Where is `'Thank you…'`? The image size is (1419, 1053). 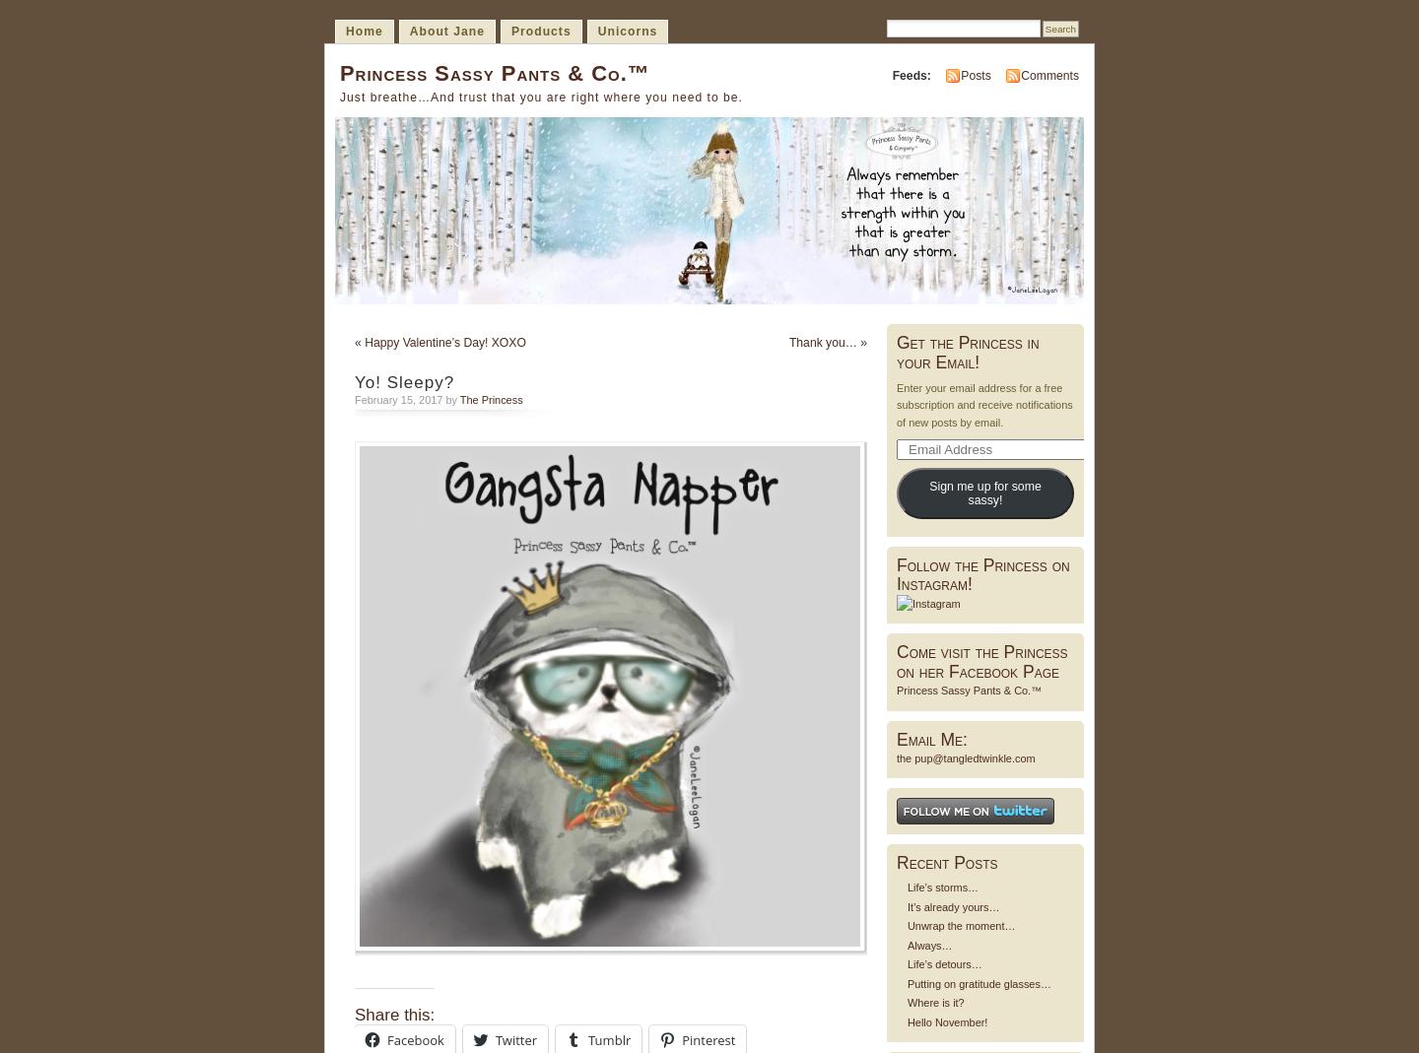 'Thank you…' is located at coordinates (822, 342).